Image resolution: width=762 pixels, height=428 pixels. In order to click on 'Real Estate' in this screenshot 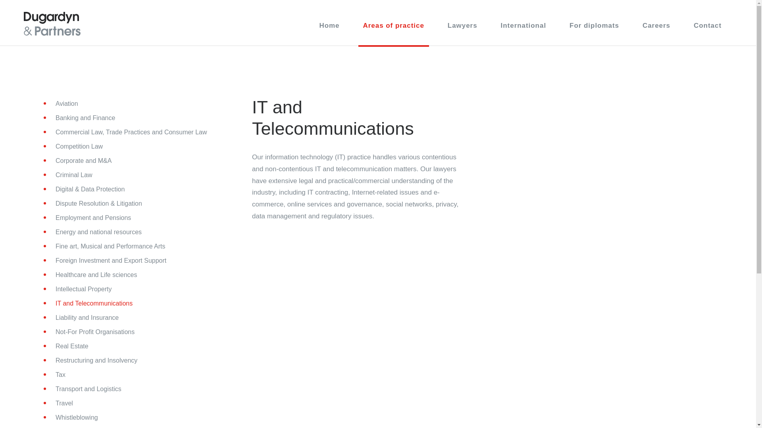, I will do `click(67, 346)`.